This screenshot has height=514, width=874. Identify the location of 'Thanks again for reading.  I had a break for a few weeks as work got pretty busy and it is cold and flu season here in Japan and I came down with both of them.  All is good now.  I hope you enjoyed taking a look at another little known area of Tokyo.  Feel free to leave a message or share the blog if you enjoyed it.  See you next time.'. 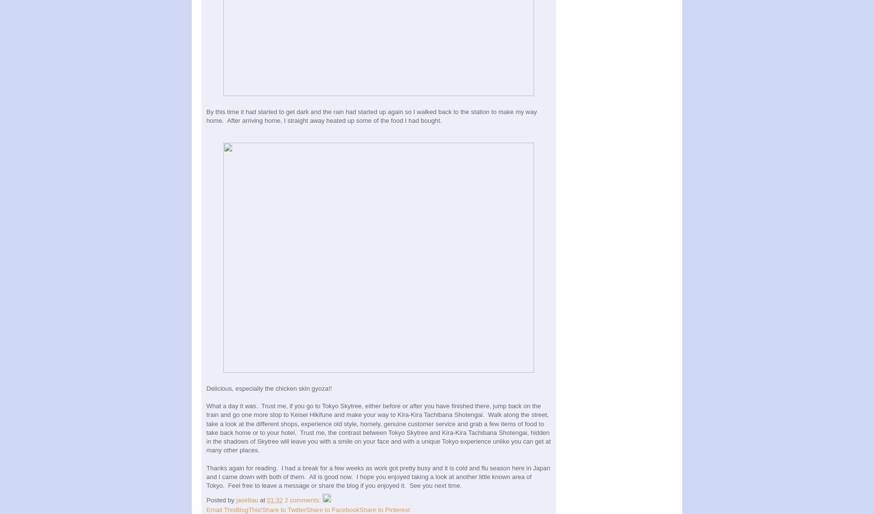
(378, 476).